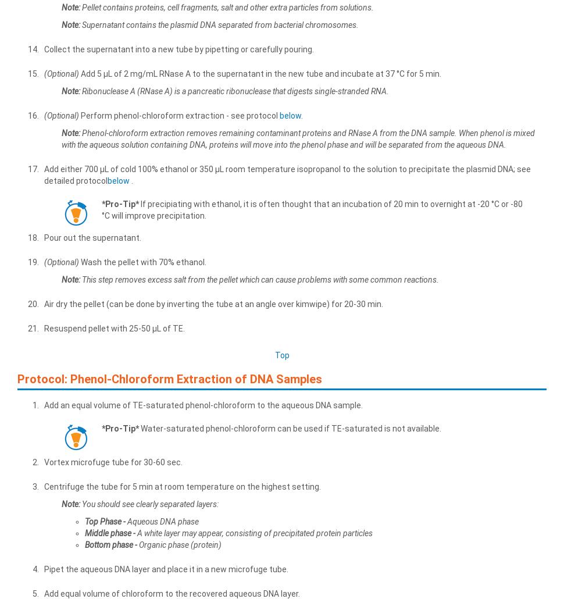  Describe the element at coordinates (148, 504) in the screenshot. I see `'You should see clearly separated layers:'` at that location.